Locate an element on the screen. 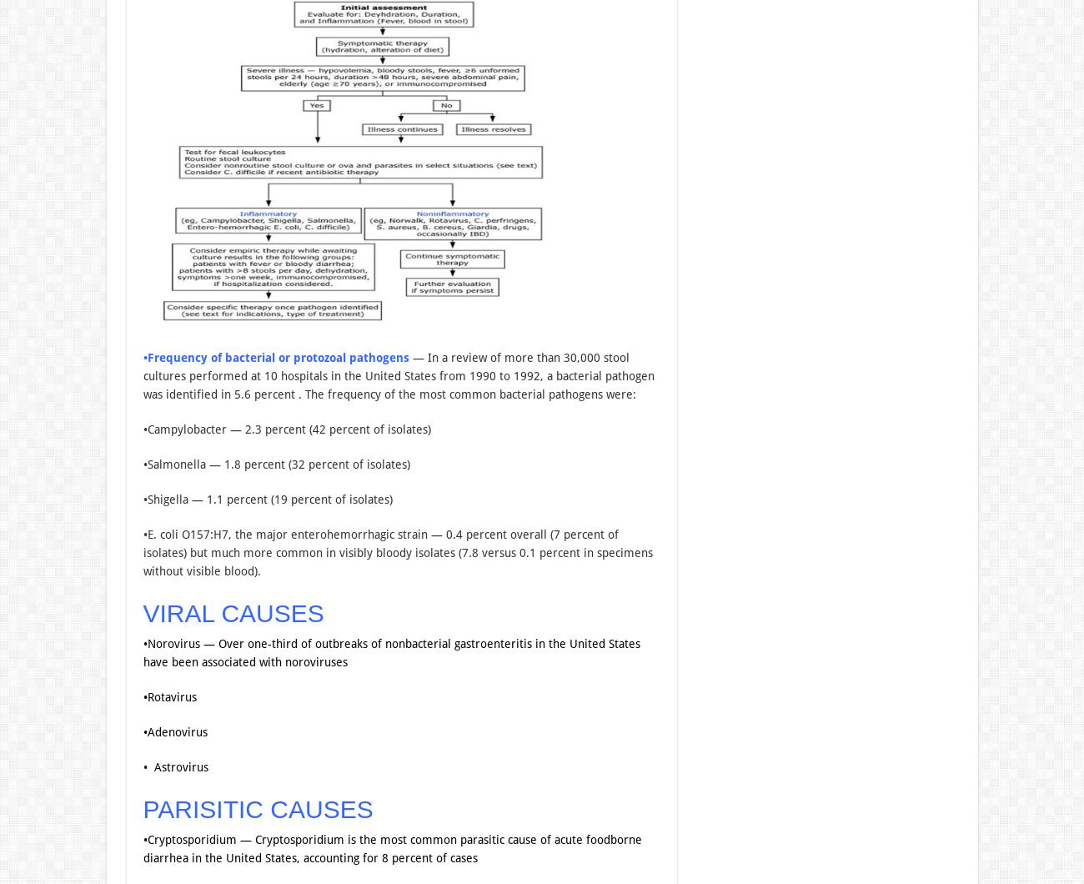 This screenshot has height=884, width=1084. 'VIRAL CAUSES' is located at coordinates (142, 611).